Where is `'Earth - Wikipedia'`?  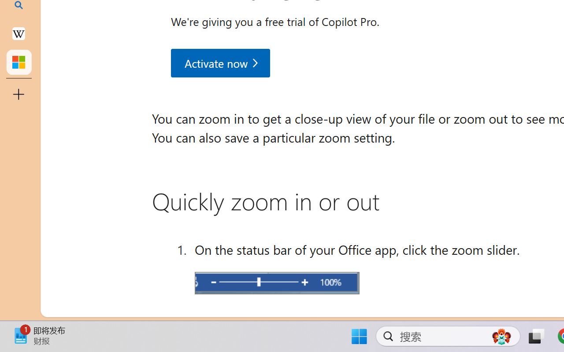
'Earth - Wikipedia' is located at coordinates (19, 33).